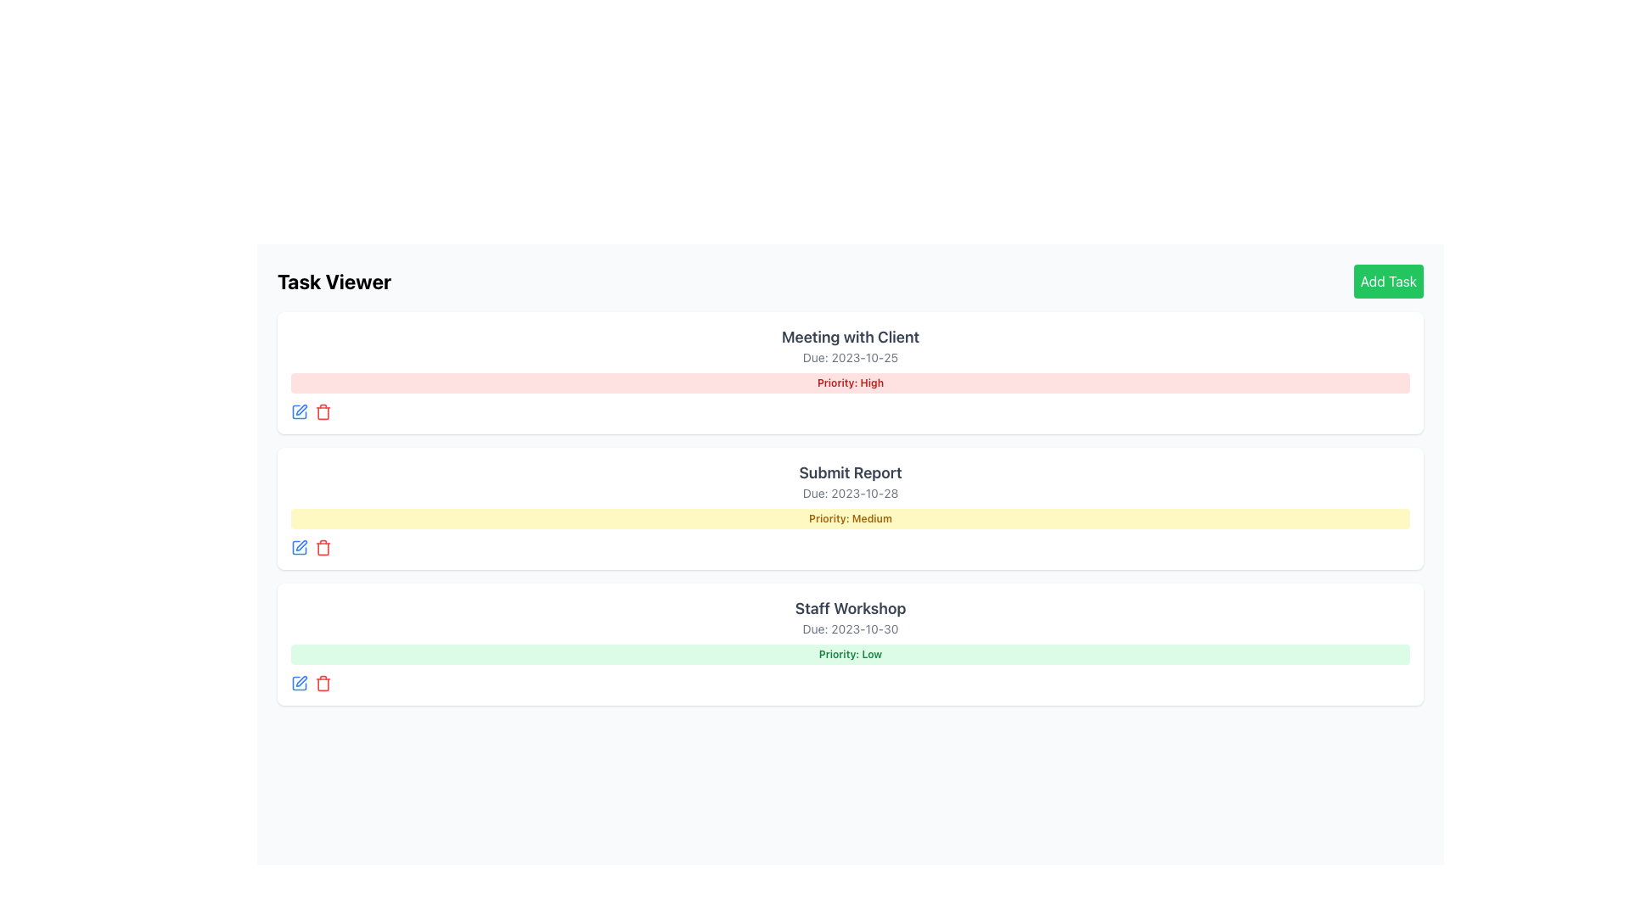 Image resolution: width=1630 pixels, height=916 pixels. Describe the element at coordinates (301, 545) in the screenshot. I see `the button-like icon representing the editing action for the 'Submit Report' task` at that location.